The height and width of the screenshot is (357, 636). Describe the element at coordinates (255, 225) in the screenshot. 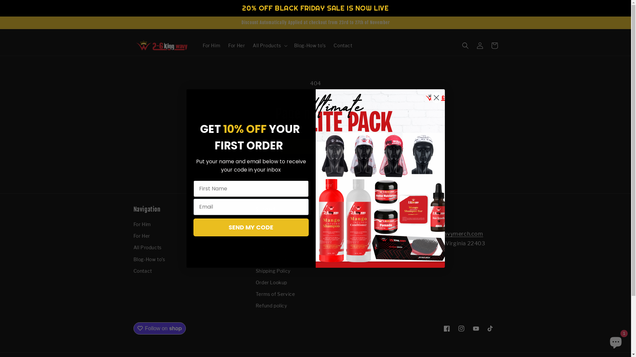

I see `'About us'` at that location.